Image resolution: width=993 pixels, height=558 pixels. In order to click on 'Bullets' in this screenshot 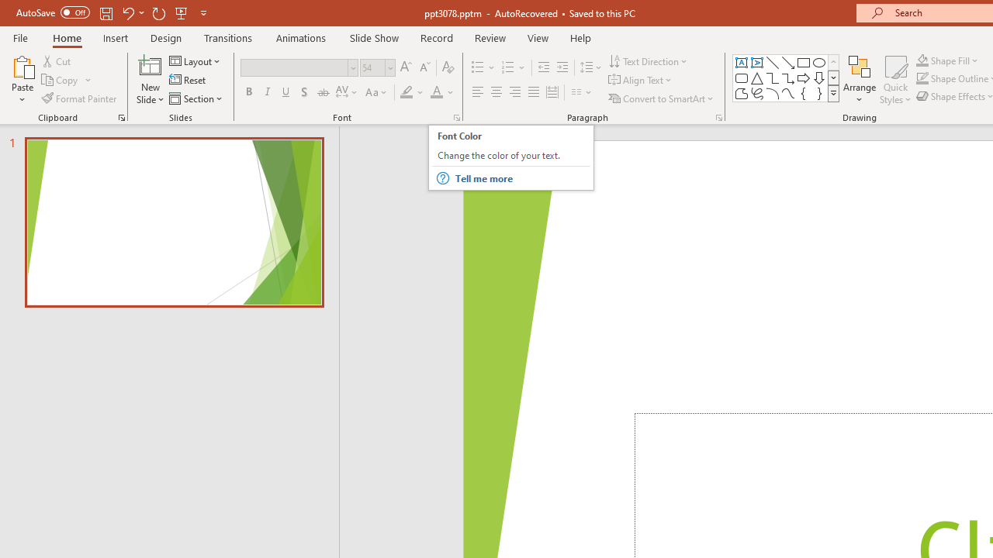, I will do `click(477, 67)`.